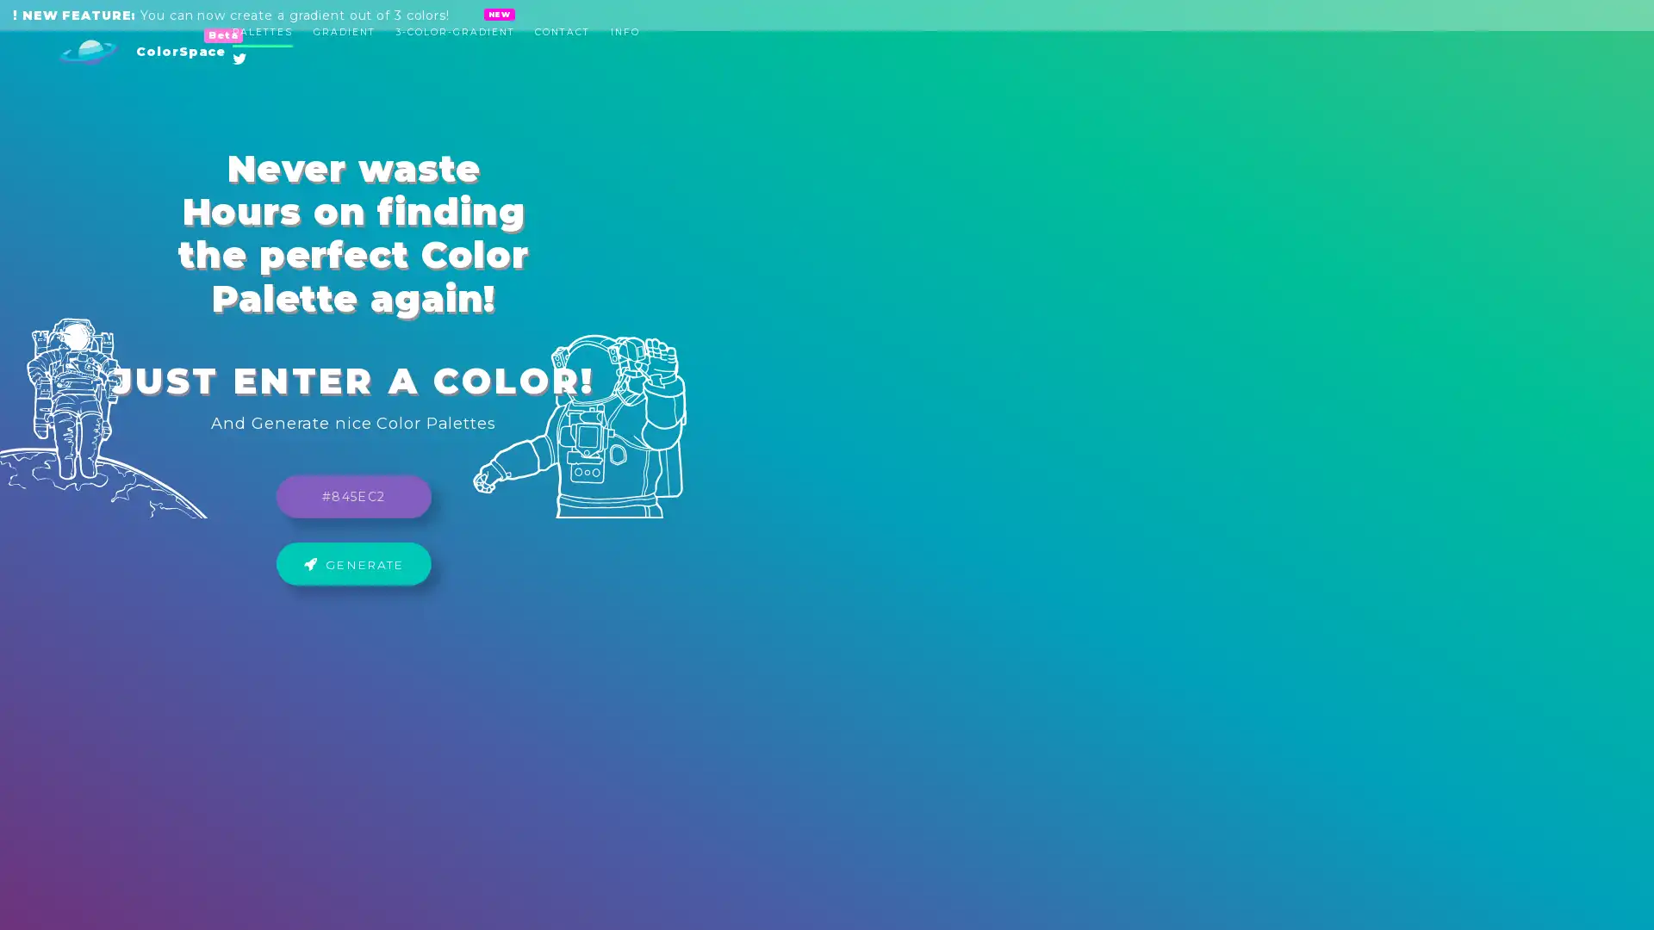 The height and width of the screenshot is (930, 1654). Describe the element at coordinates (827, 484) in the screenshot. I see `GENERATE` at that location.